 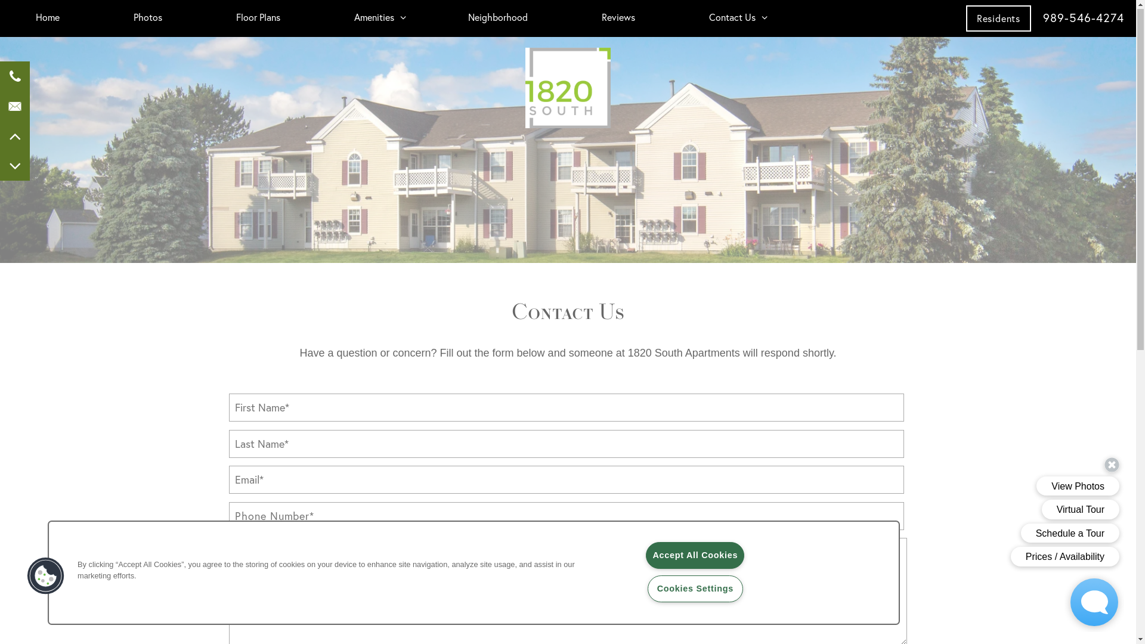 I want to click on 'Reviews', so click(x=618, y=18).